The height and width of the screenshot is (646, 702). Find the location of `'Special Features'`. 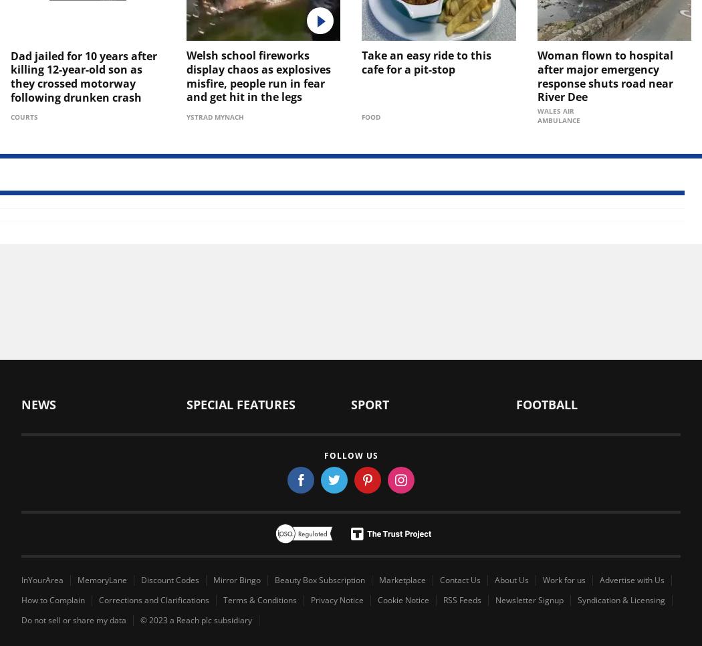

'Special Features' is located at coordinates (239, 405).